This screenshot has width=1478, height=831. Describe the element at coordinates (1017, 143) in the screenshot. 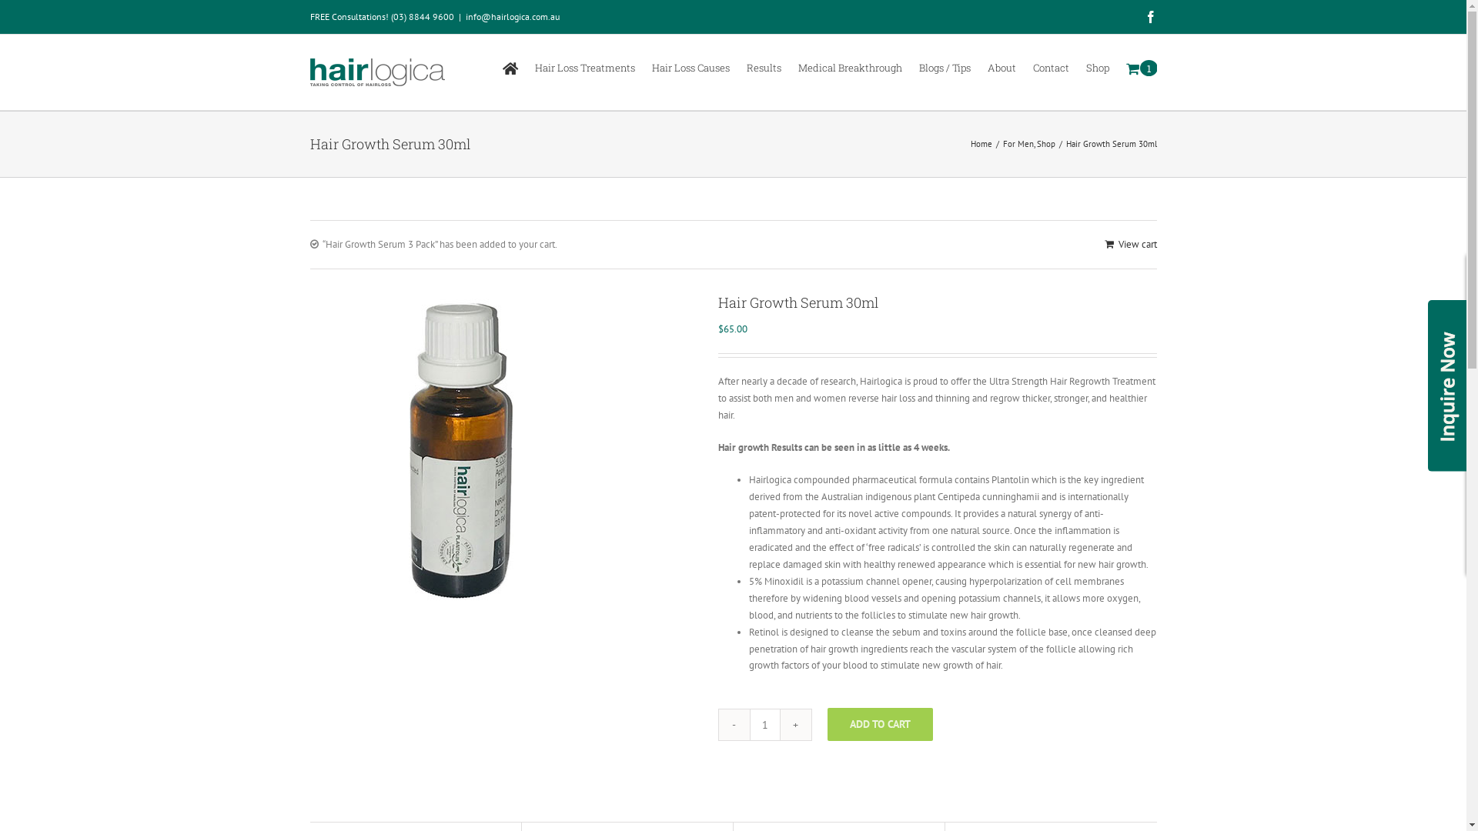

I see `'For Men'` at that location.